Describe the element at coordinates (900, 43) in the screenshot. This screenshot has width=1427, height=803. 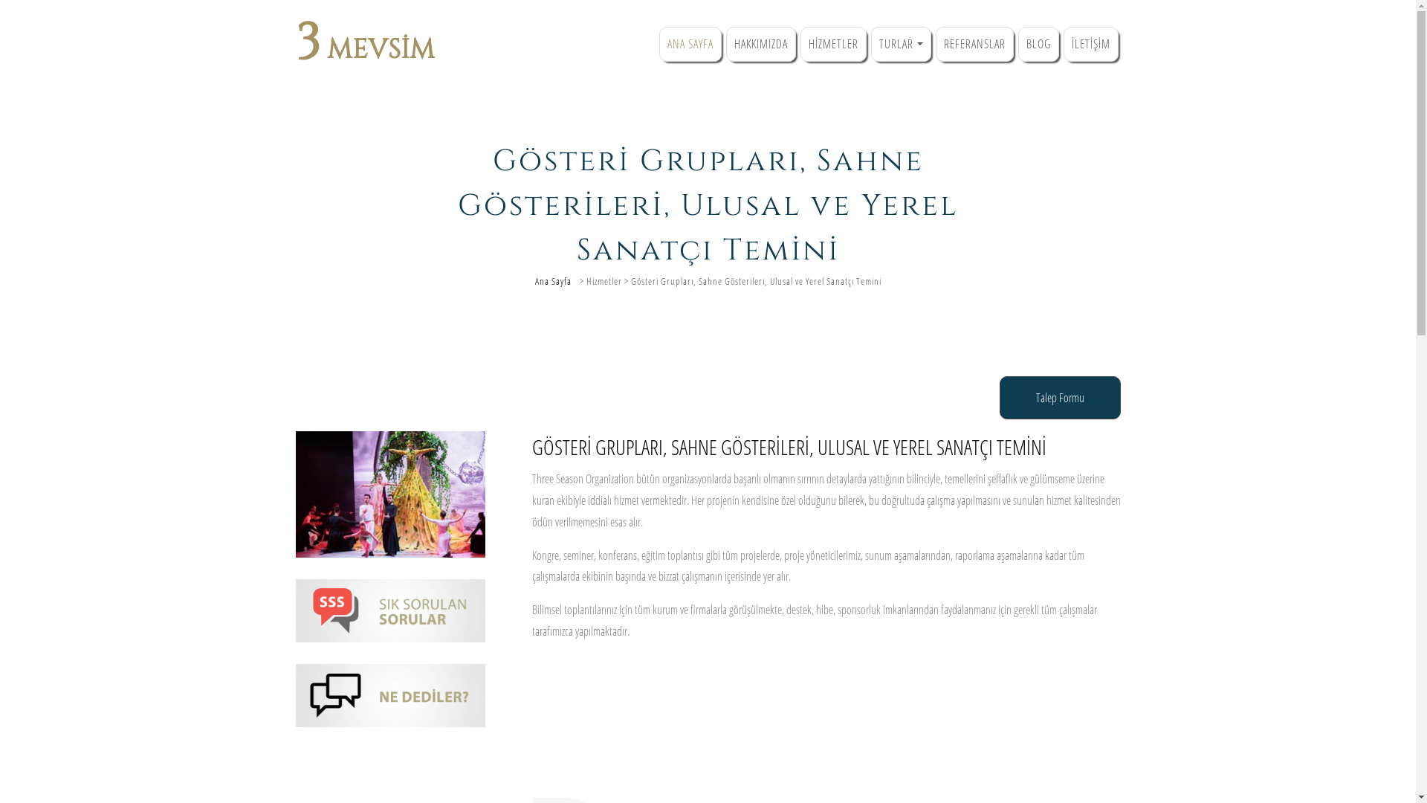
I see `'TURLAR'` at that location.